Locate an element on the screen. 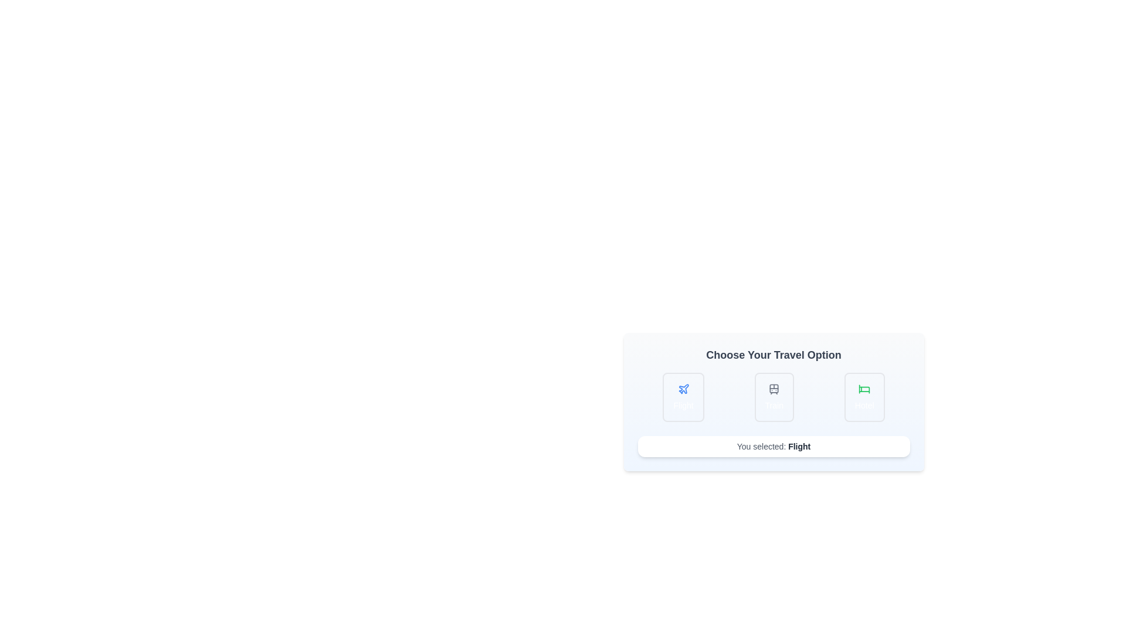 The width and height of the screenshot is (1126, 633). the 'Flight' travel mode button is located at coordinates (683, 397).